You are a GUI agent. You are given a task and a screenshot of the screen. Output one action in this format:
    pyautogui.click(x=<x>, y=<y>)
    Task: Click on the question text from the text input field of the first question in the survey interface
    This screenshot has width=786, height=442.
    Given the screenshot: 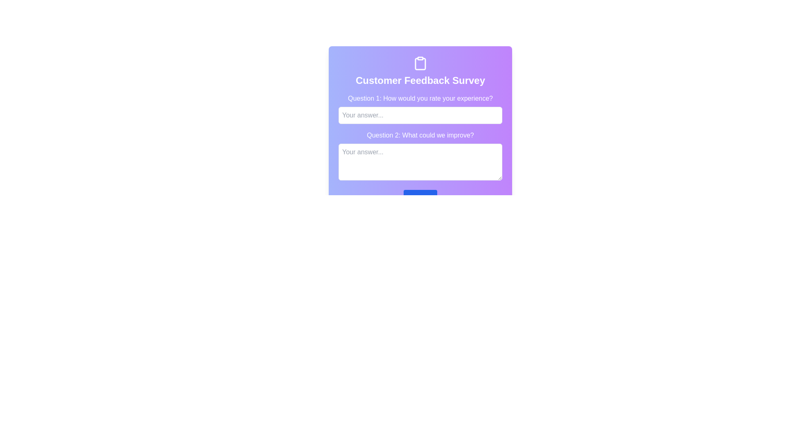 What is the action you would take?
    pyautogui.click(x=420, y=108)
    